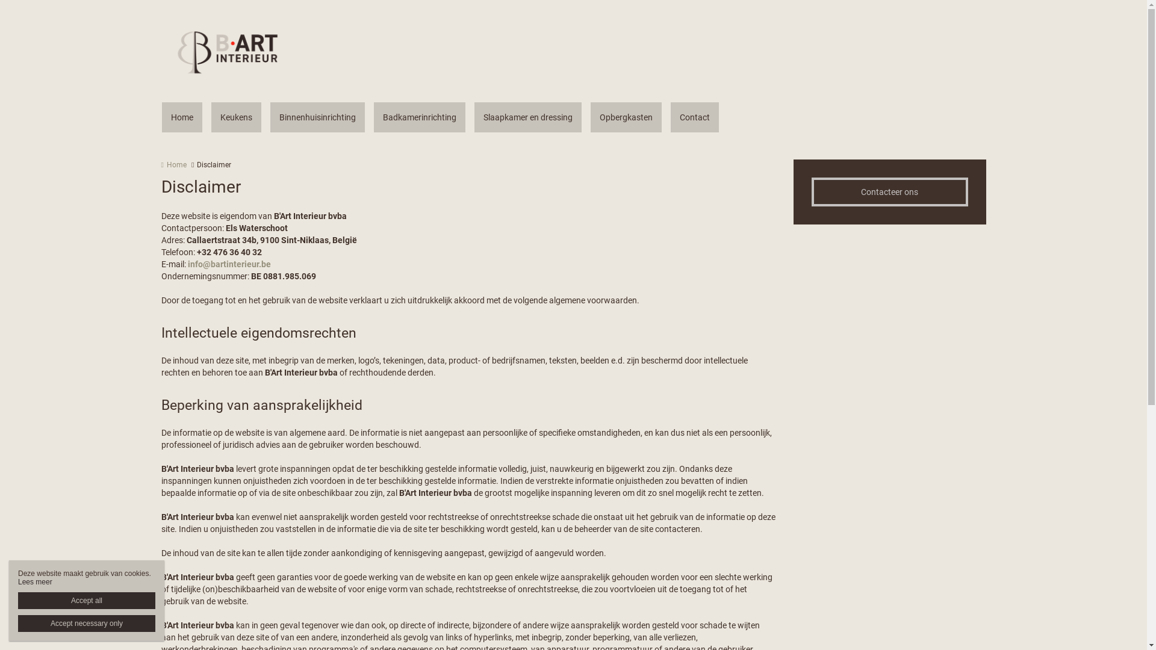 Image resolution: width=1156 pixels, height=650 pixels. What do you see at coordinates (86, 623) in the screenshot?
I see `'Accept necessary only'` at bounding box center [86, 623].